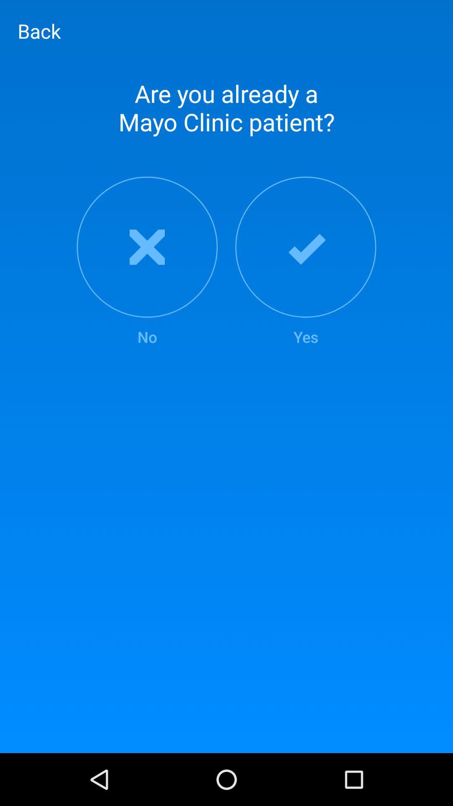  What do you see at coordinates (39, 31) in the screenshot?
I see `back icon` at bounding box center [39, 31].